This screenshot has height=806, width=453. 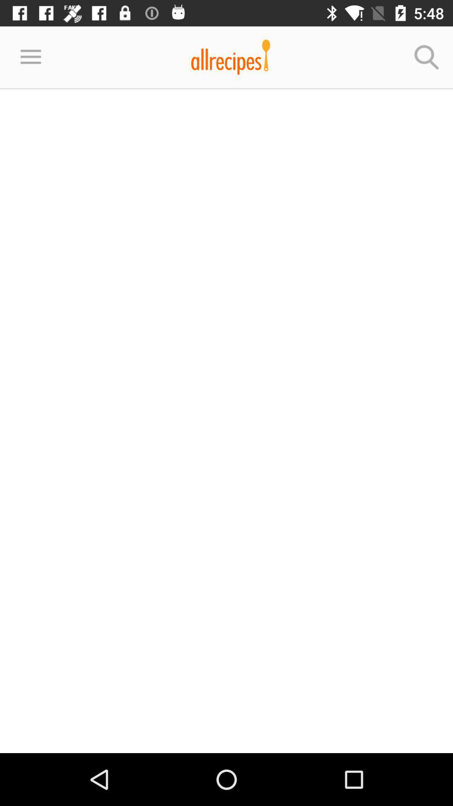 What do you see at coordinates (427, 57) in the screenshot?
I see `icon at the top right corner` at bounding box center [427, 57].